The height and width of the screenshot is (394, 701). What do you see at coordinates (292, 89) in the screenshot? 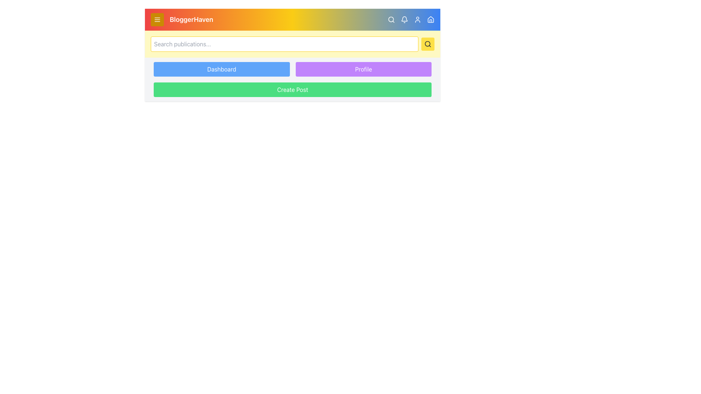
I see `the 'Create Post' button, which is a rectangular button with a green background and white text, located beneath the 'Dashboard' and 'Profile' buttons` at bounding box center [292, 89].